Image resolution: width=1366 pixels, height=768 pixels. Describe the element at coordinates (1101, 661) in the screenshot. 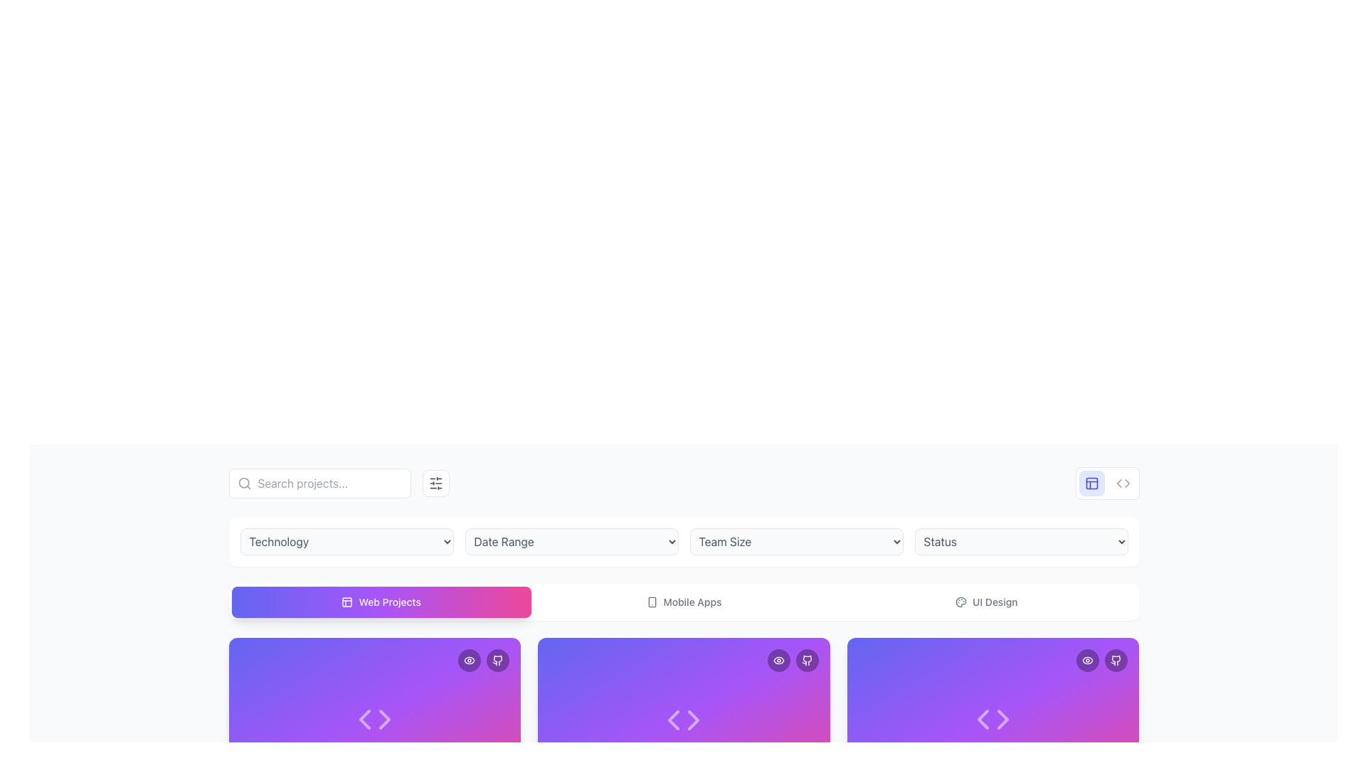

I see `the eye button located at the top-right corner of the purple card in the second row of the grid layout to preview the card content` at that location.